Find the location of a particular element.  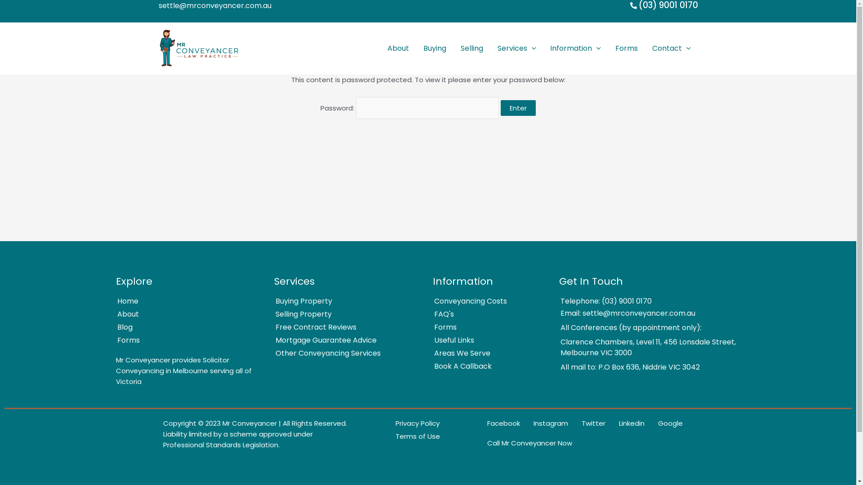

'Buying' is located at coordinates (416, 48).